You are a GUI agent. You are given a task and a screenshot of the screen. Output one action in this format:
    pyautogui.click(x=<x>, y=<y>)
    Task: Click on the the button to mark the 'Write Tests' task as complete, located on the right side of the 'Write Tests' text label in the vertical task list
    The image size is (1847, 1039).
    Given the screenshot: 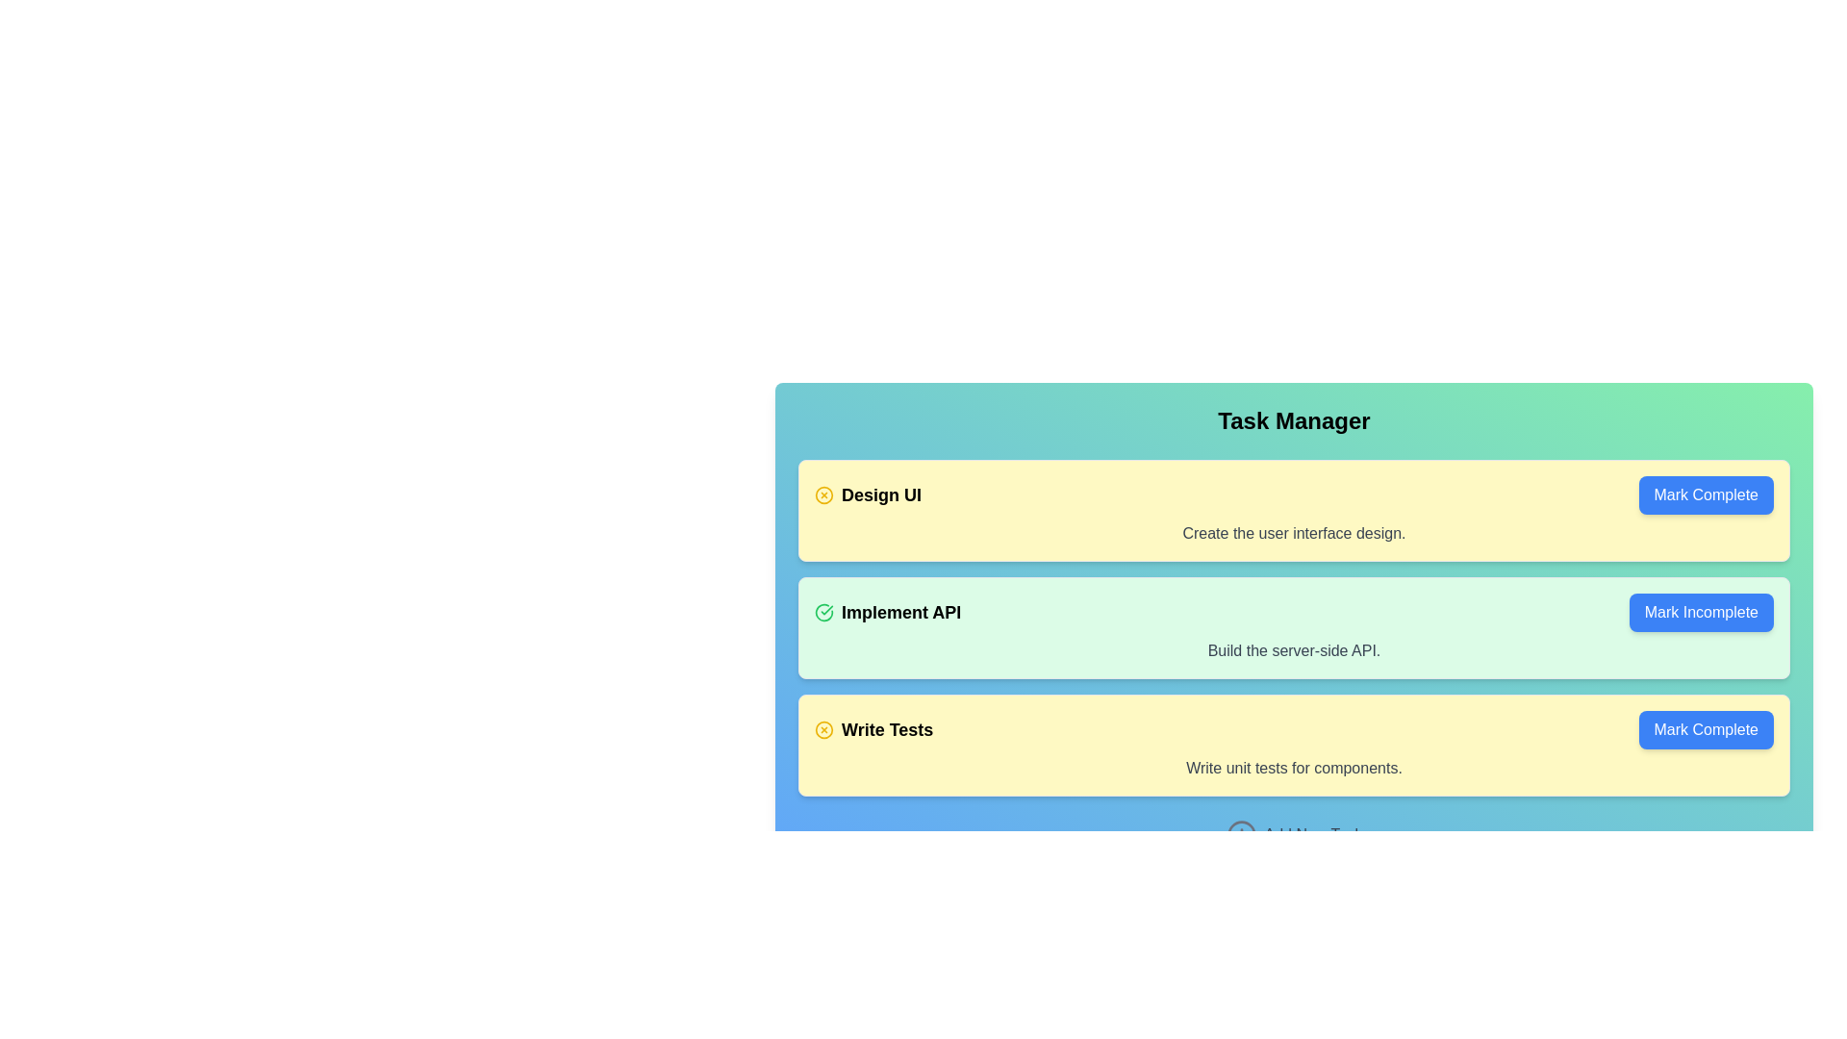 What is the action you would take?
    pyautogui.click(x=1706, y=730)
    